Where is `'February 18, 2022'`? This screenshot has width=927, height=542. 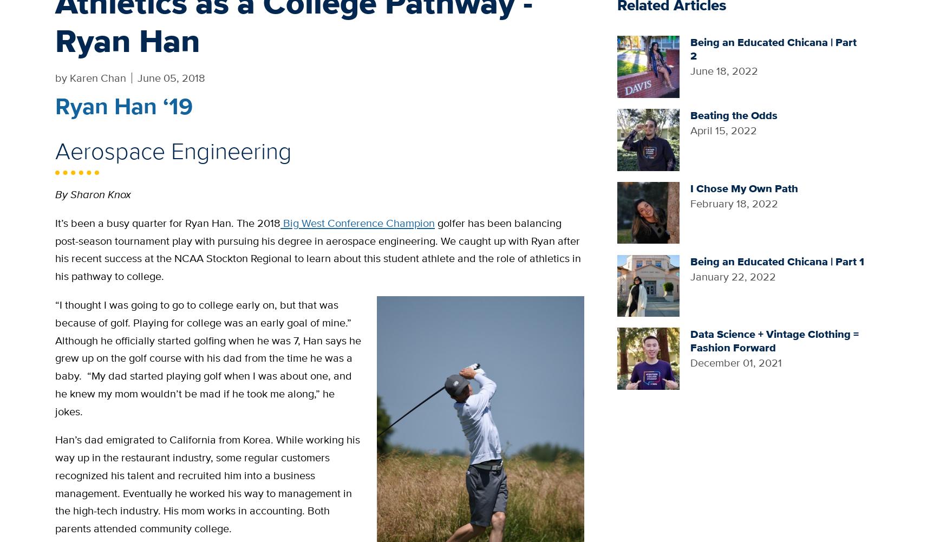
'February 18, 2022' is located at coordinates (733, 203).